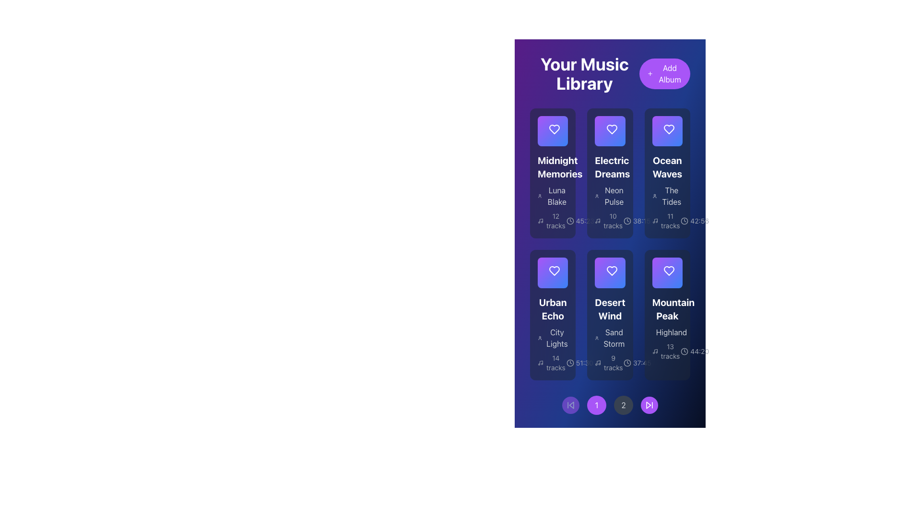 This screenshot has width=921, height=518. Describe the element at coordinates (553, 273) in the screenshot. I see `the interactive heart button with a white background and purple outlined icon located in the 'Urban Echo' card of the music library interface` at that location.